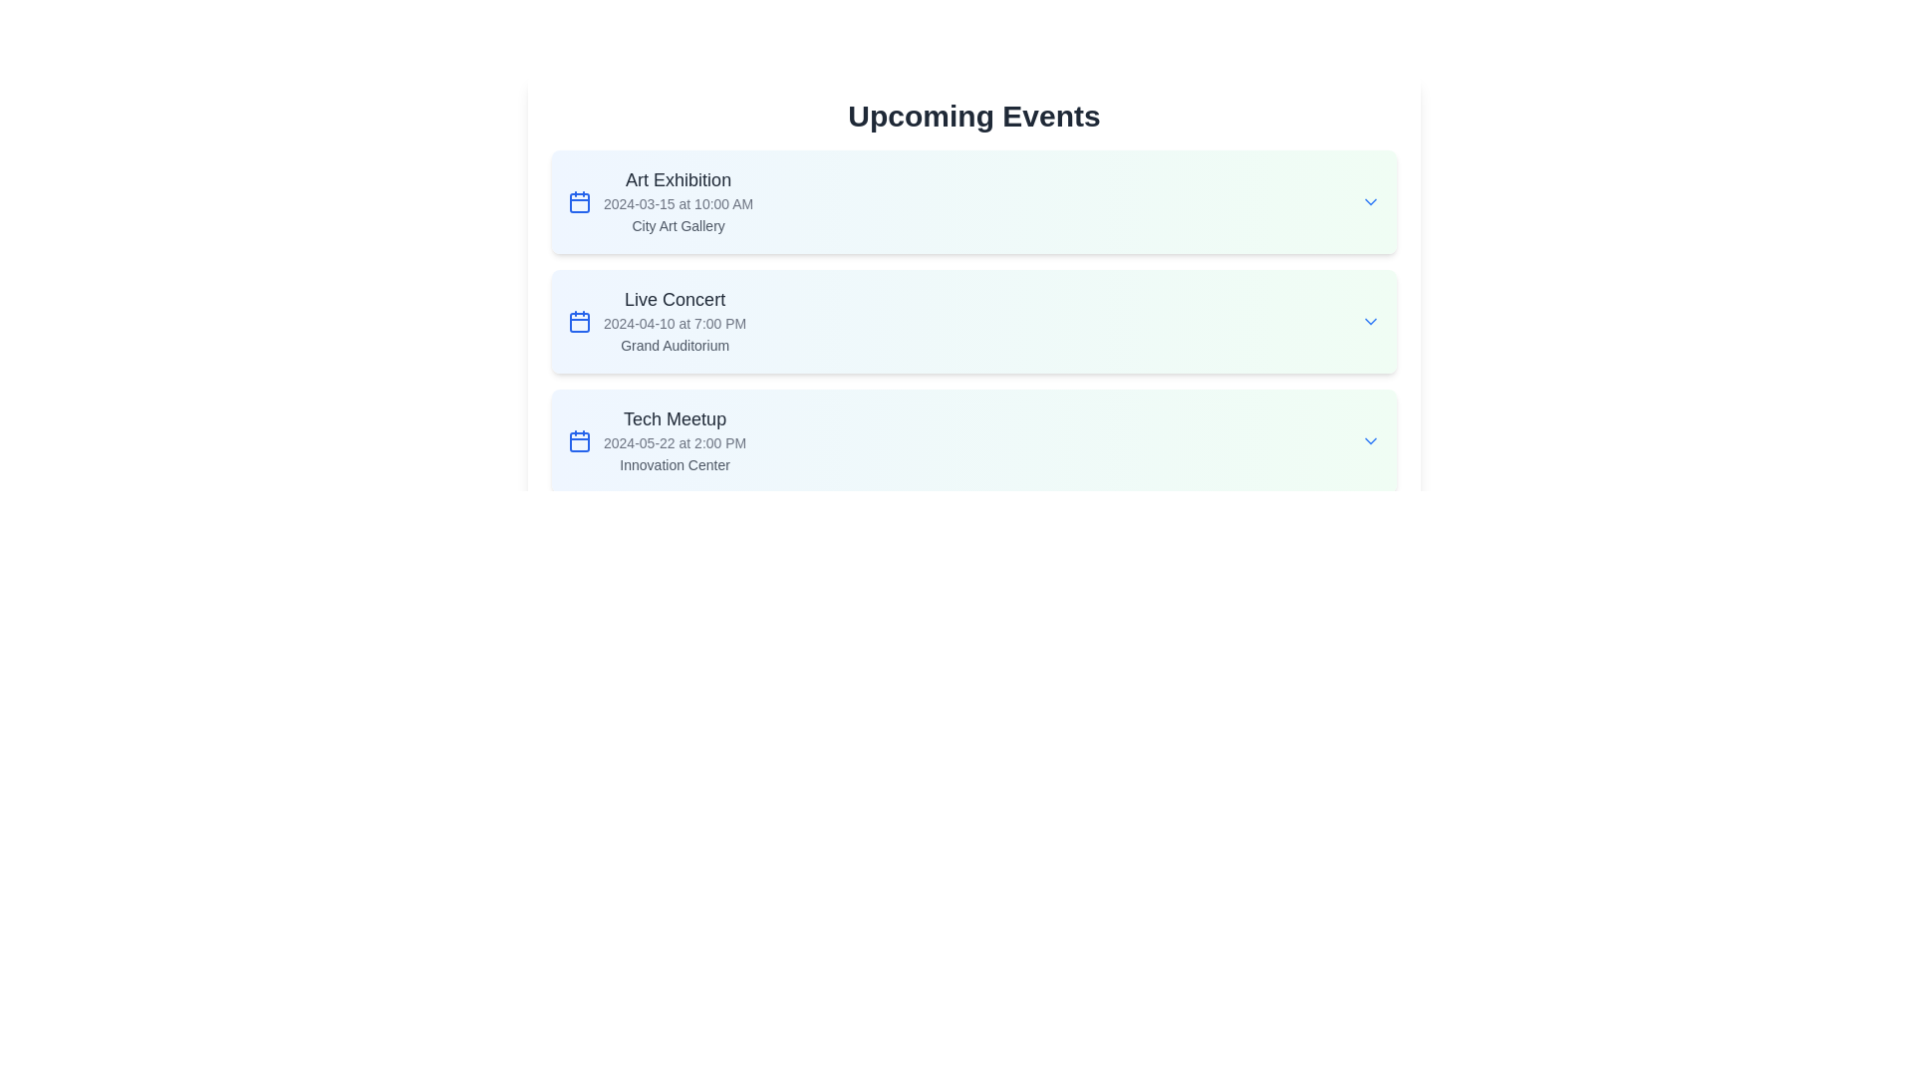 The height and width of the screenshot is (1076, 1913). What do you see at coordinates (974, 440) in the screenshot?
I see `the 'Tech Meetup' informational card, which is the third item` at bounding box center [974, 440].